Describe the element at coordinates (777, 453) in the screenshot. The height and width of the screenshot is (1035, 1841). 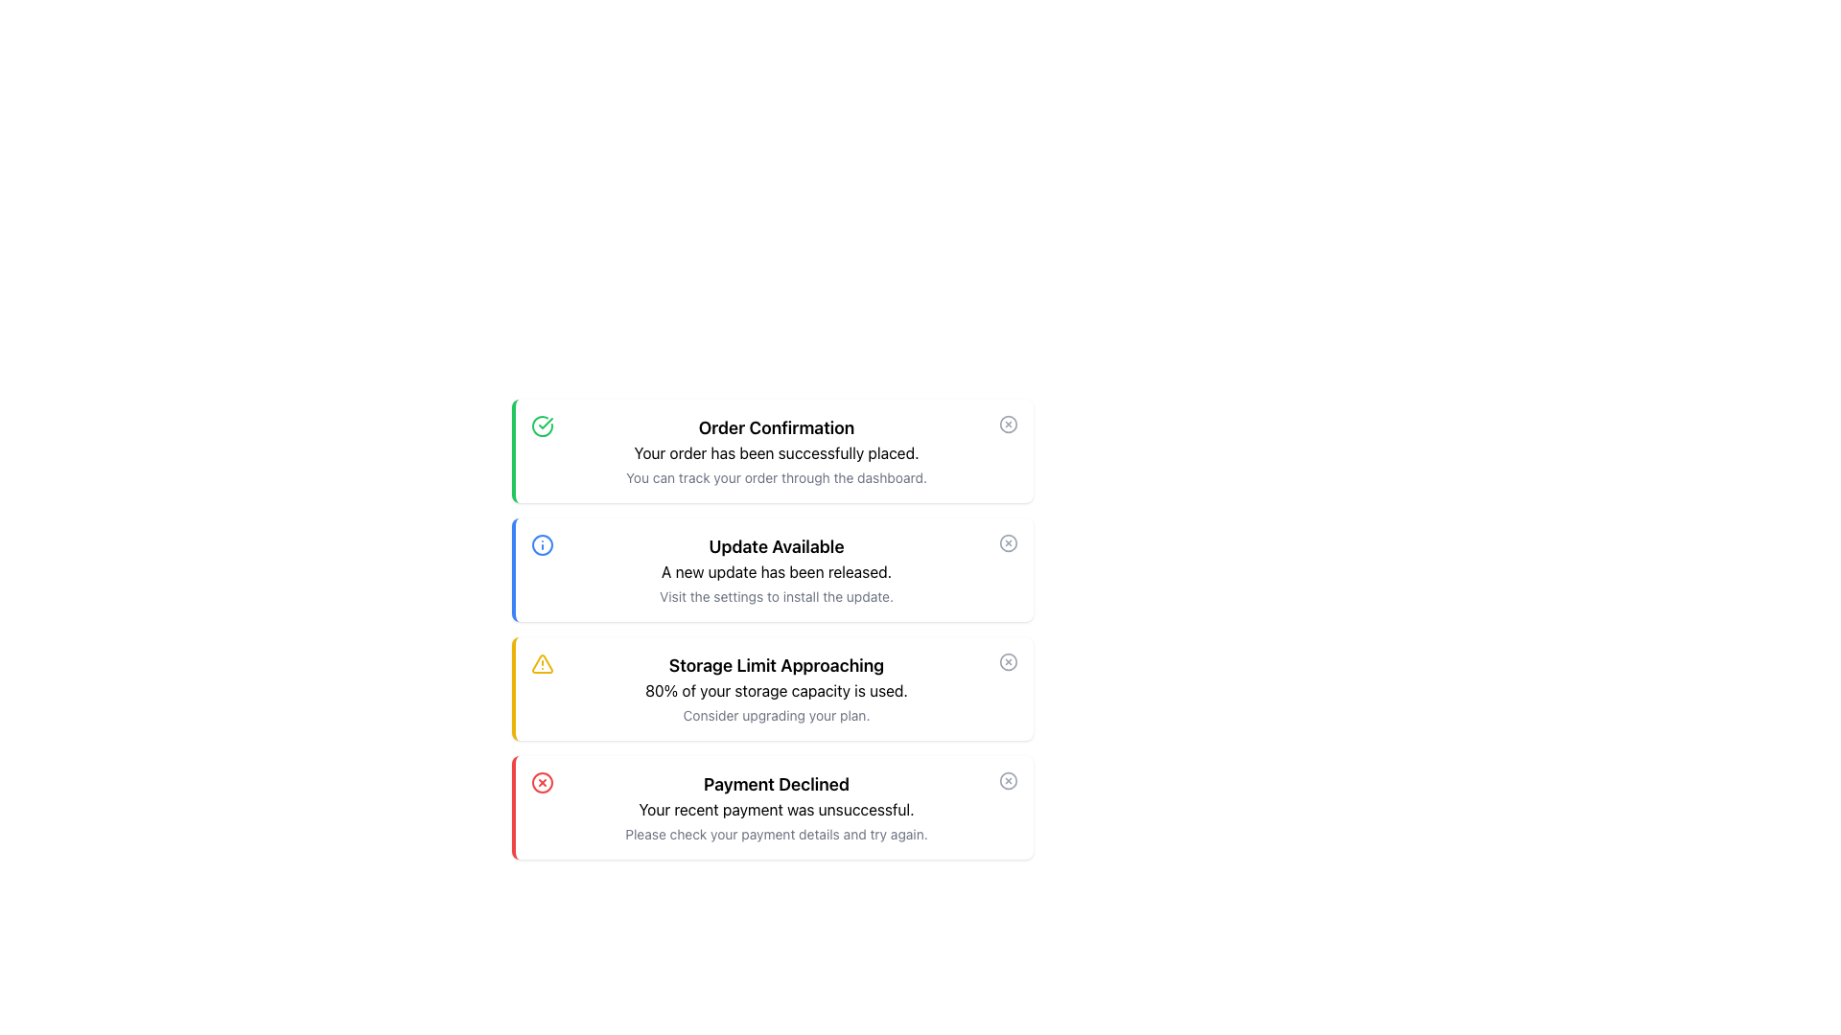
I see `the static text label displaying the message 'Your order has been successfully placed.' which is located below the 'Order Confirmation' heading` at that location.